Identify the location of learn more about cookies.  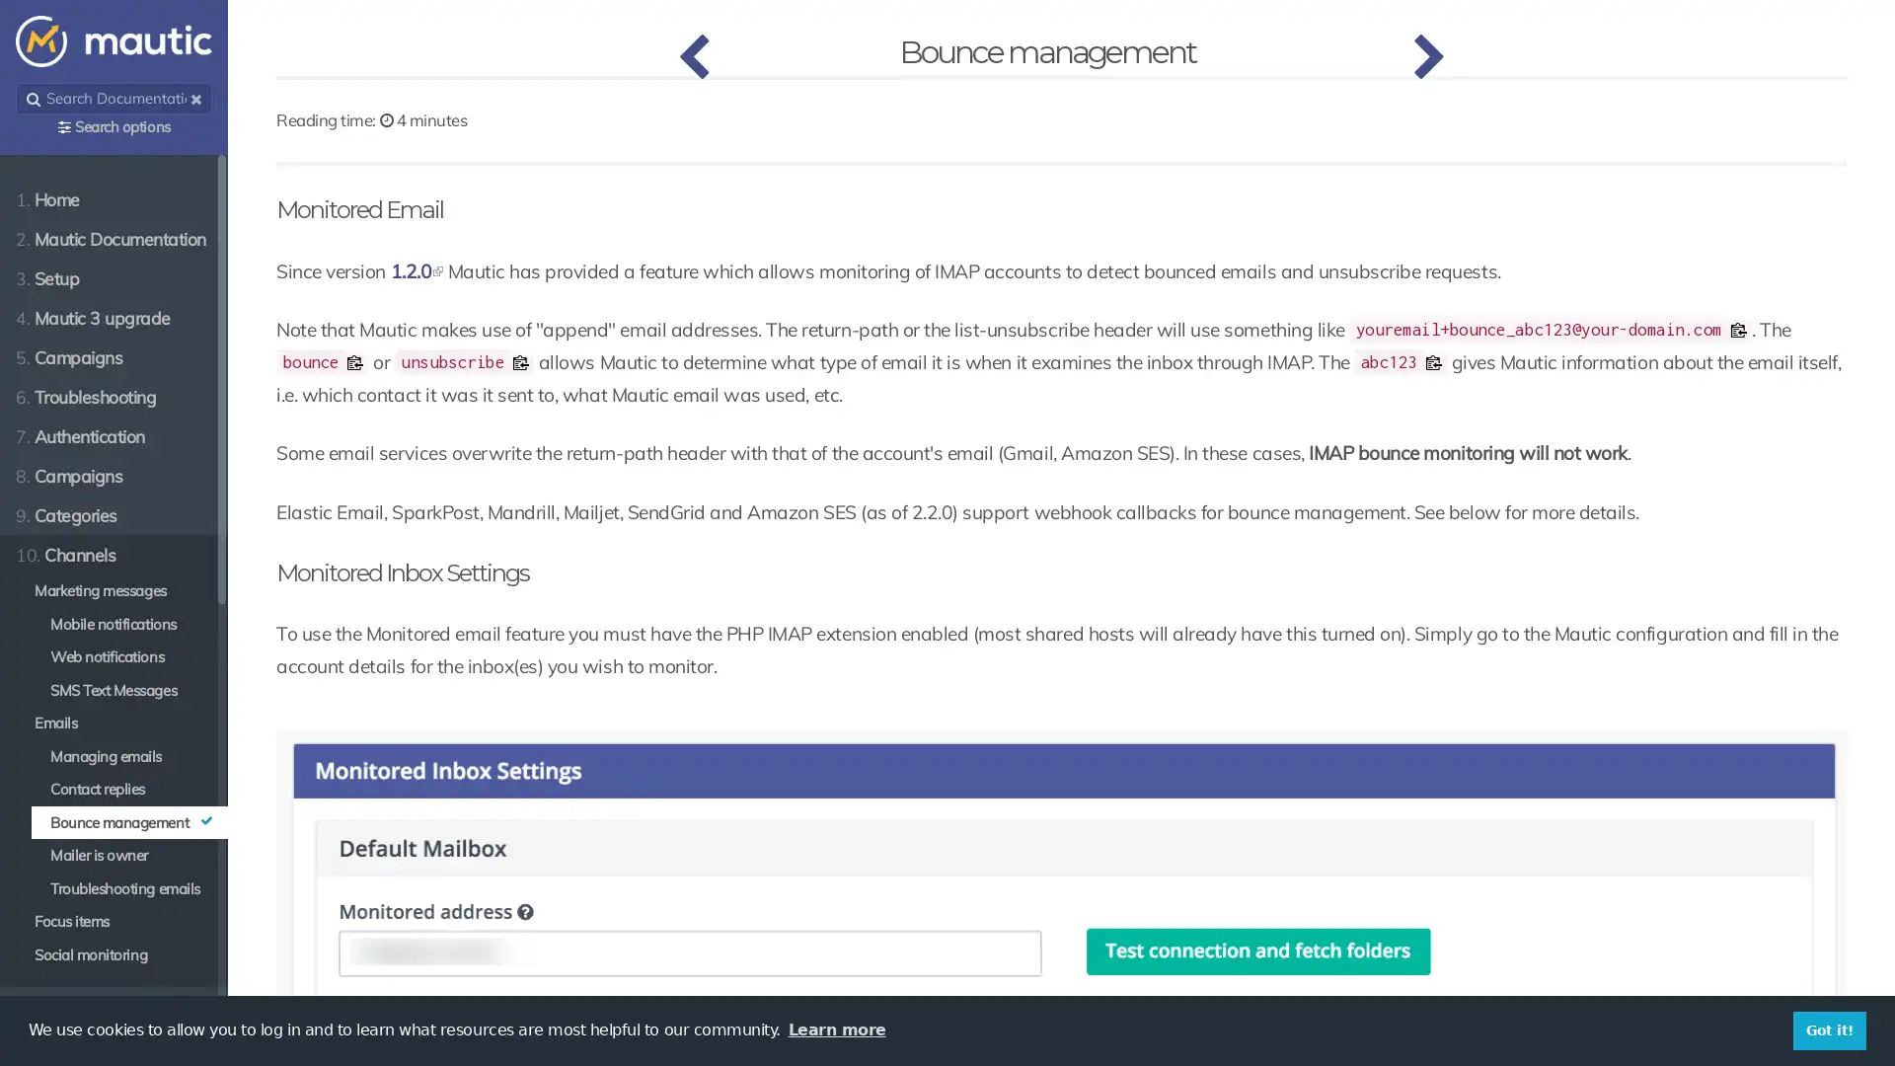
(836, 1029).